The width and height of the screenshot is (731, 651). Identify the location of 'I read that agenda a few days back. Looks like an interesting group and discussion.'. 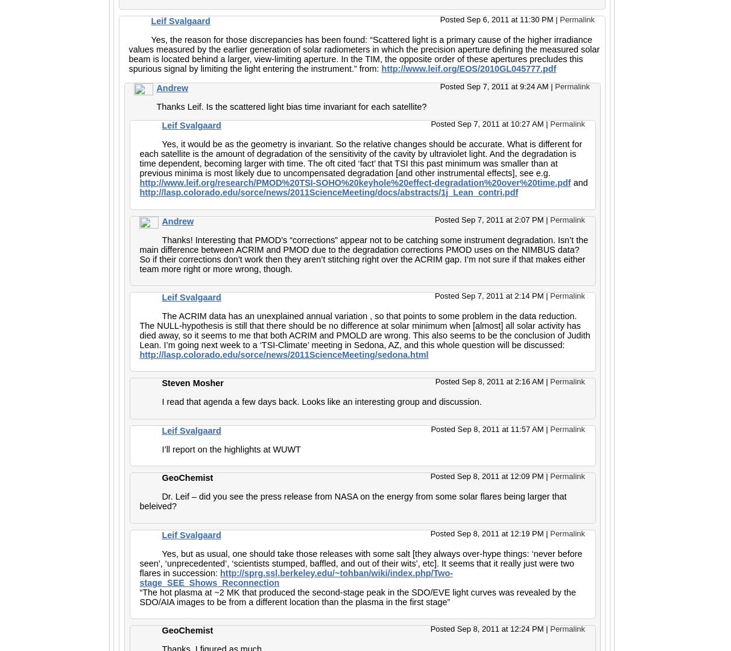
(321, 401).